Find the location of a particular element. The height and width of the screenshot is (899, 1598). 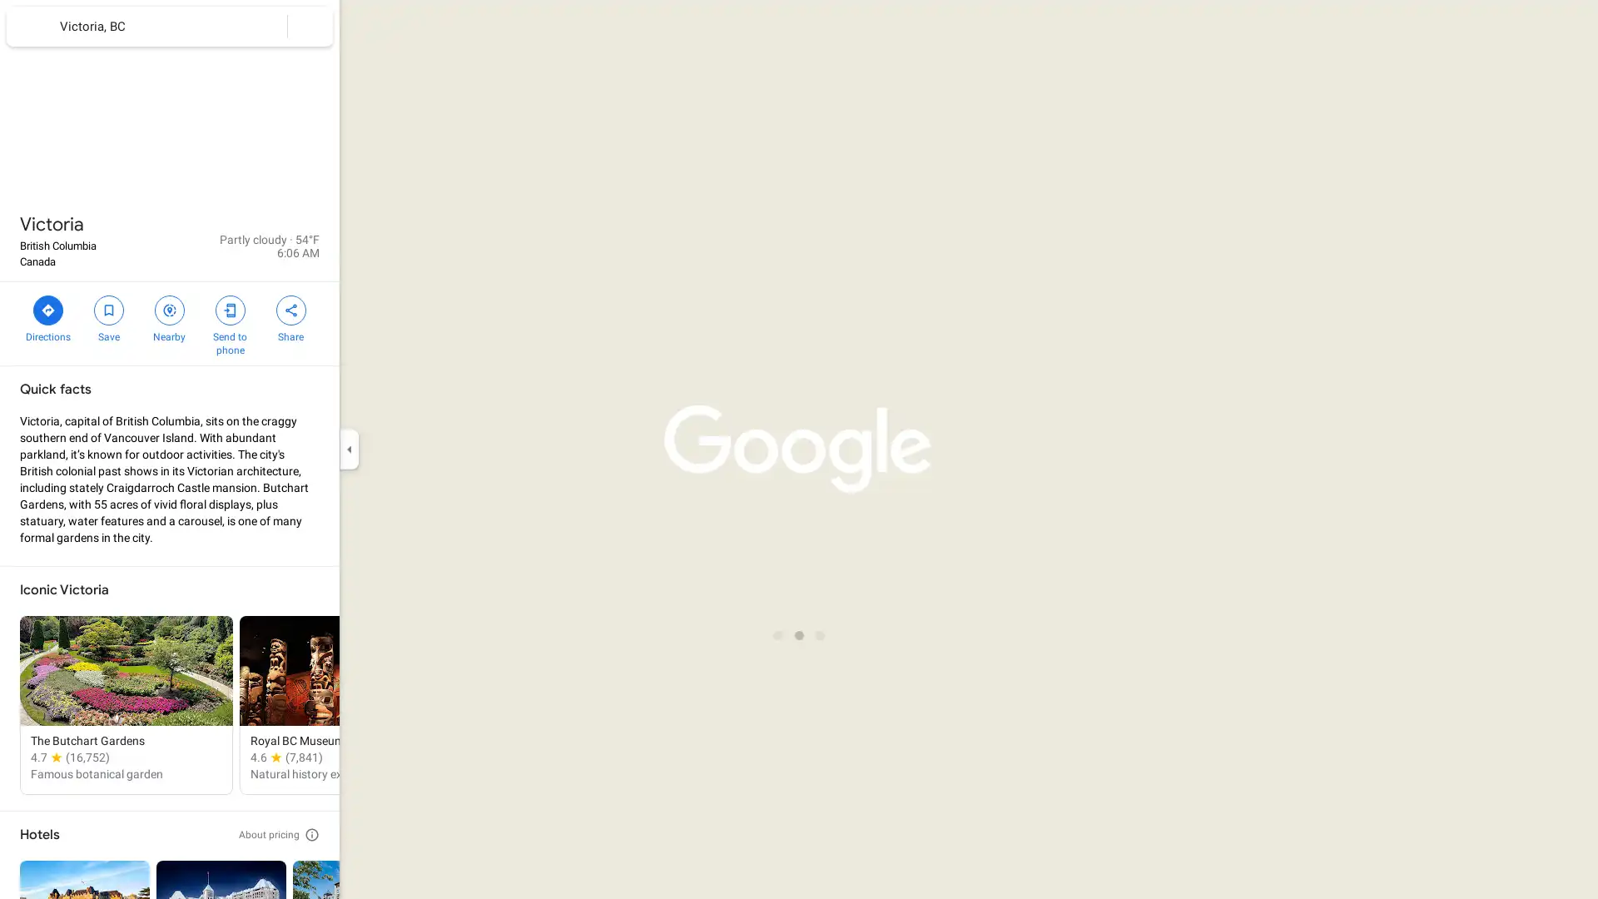

Save Victoria in your lists is located at coordinates (107, 317).